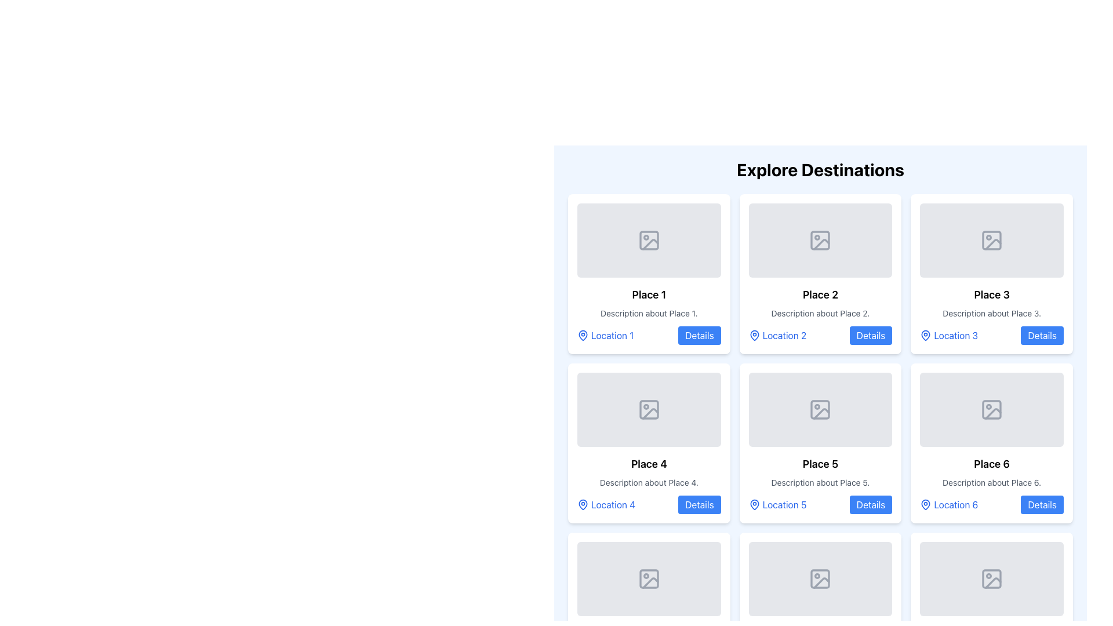  What do you see at coordinates (699, 335) in the screenshot?
I see `the blue button labeled 'Details' located at the bottom-right corner of the 'Place 1' card` at bounding box center [699, 335].